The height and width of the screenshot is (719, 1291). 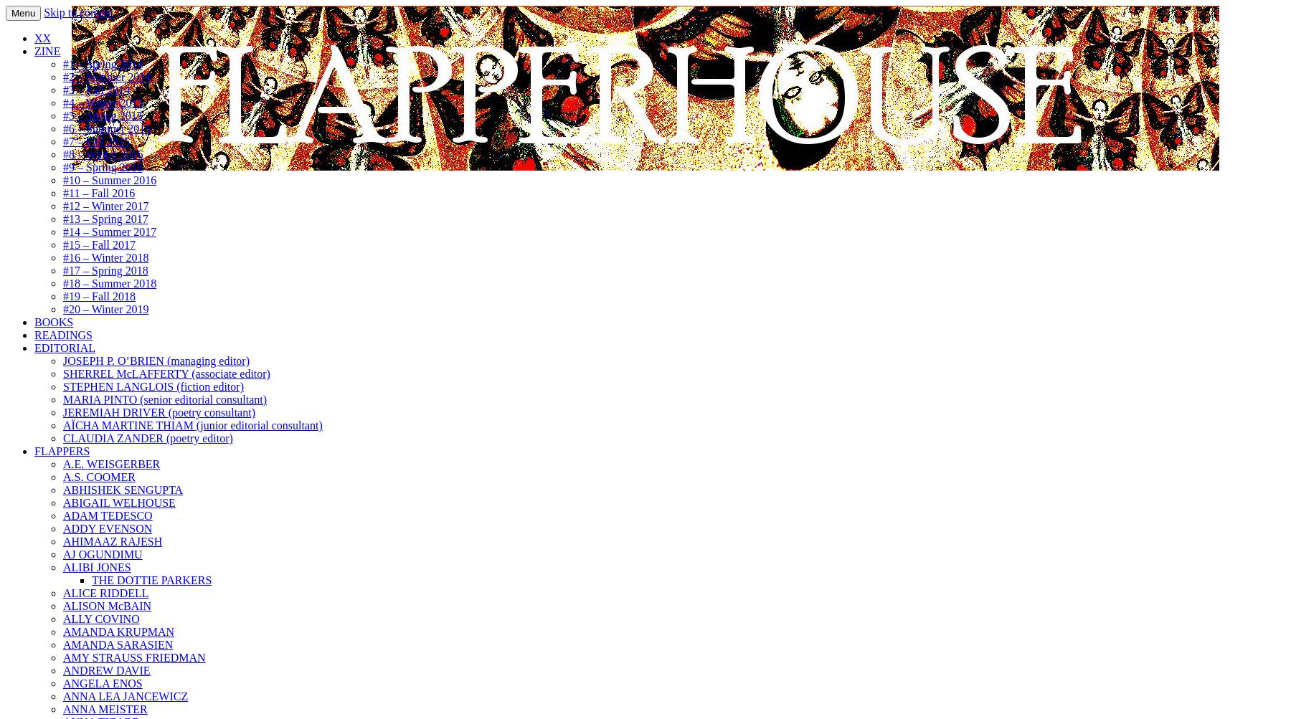 What do you see at coordinates (107, 76) in the screenshot?
I see `'#2 – Summer 2014'` at bounding box center [107, 76].